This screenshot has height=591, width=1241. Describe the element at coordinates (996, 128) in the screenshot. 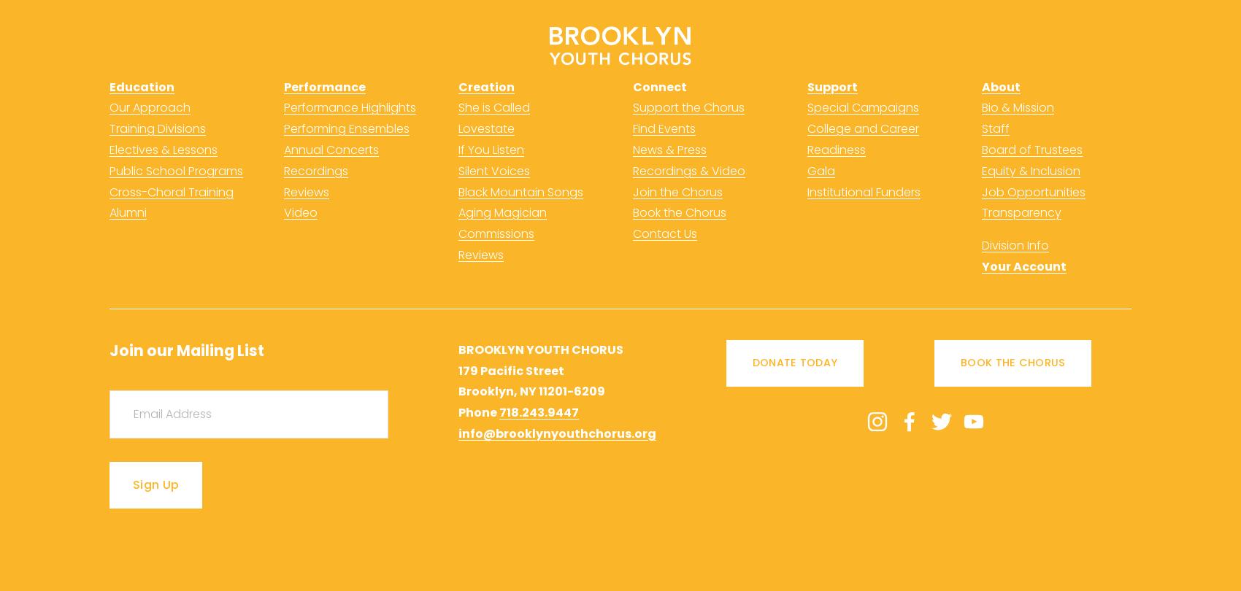

I see `'Staff'` at that location.